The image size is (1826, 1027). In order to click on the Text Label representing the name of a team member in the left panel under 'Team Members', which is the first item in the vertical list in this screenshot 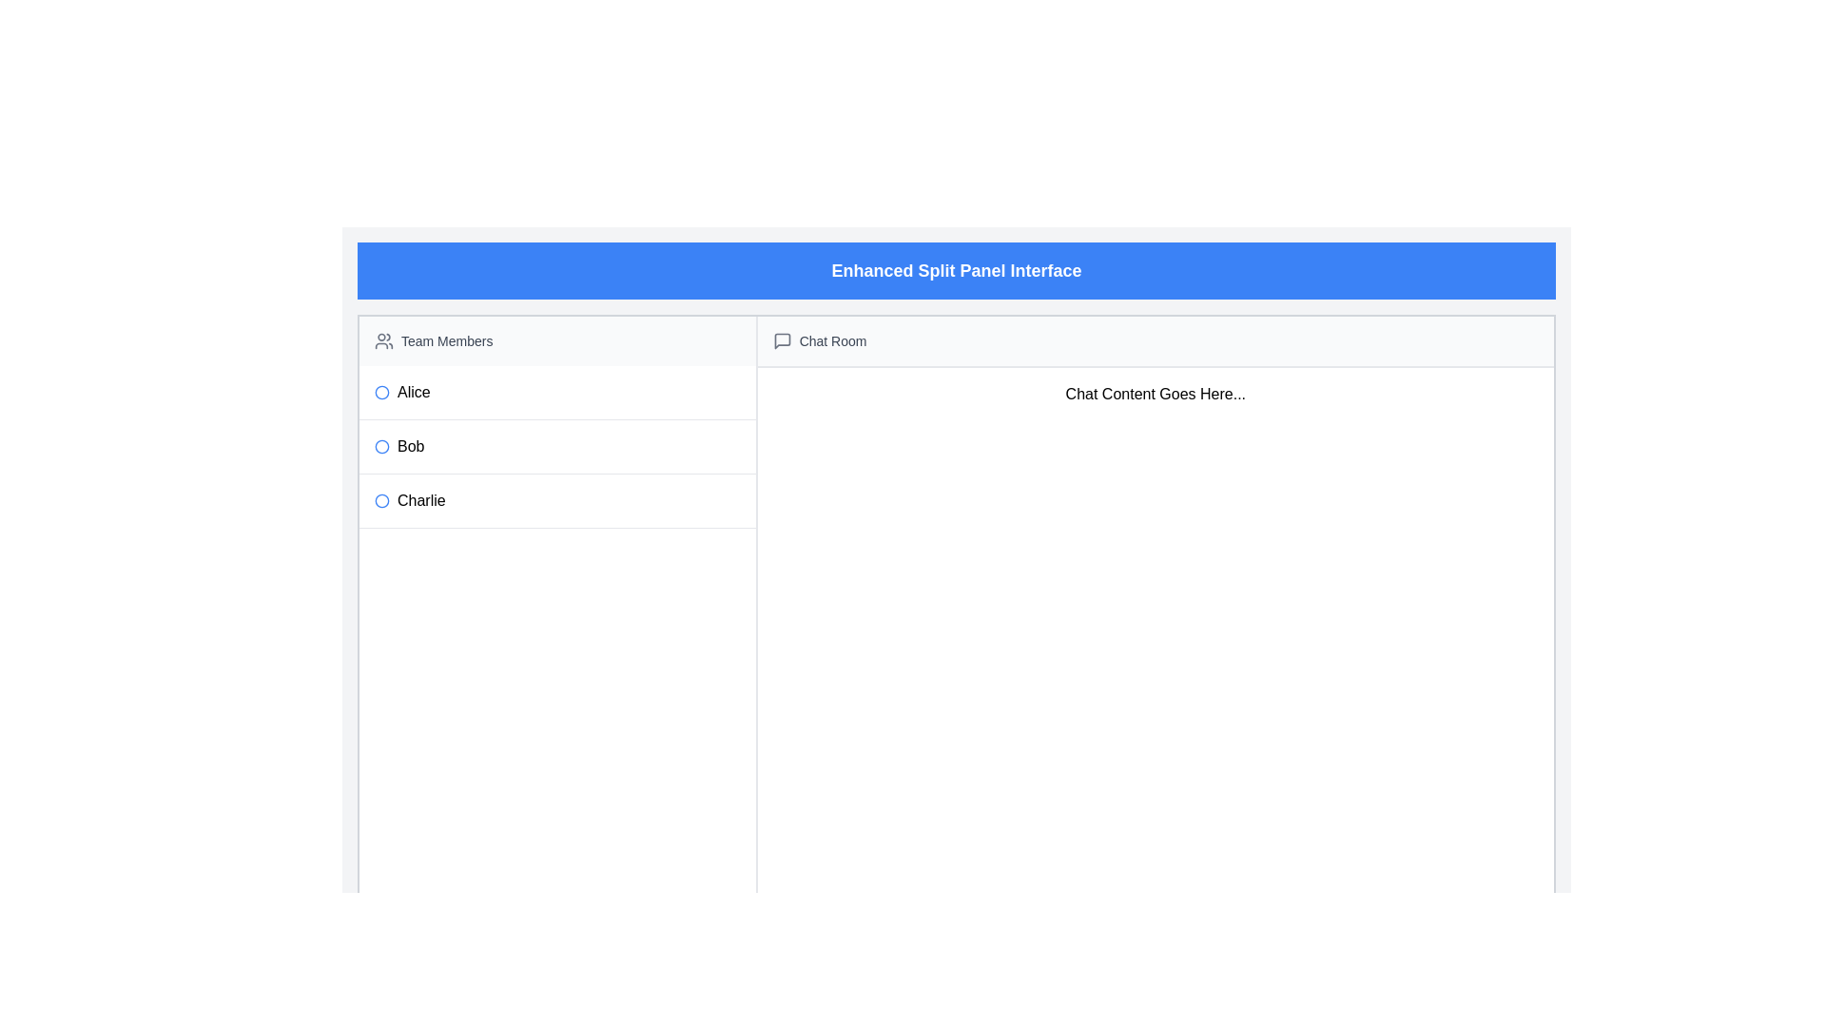, I will do `click(413, 391)`.